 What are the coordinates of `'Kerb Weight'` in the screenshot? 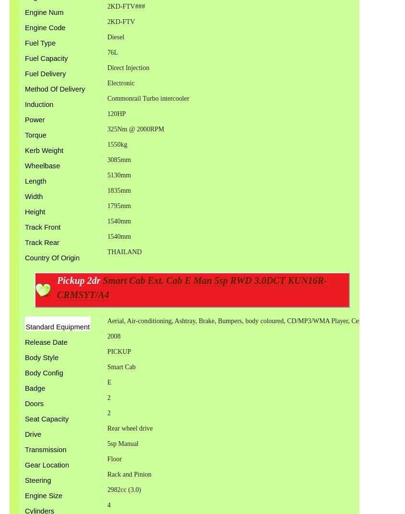 It's located at (44, 150).